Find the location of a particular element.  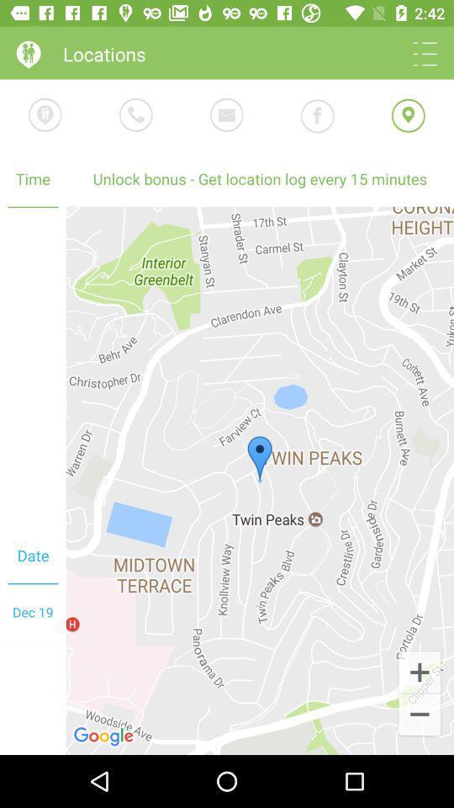

item on the left is located at coordinates (33, 368).